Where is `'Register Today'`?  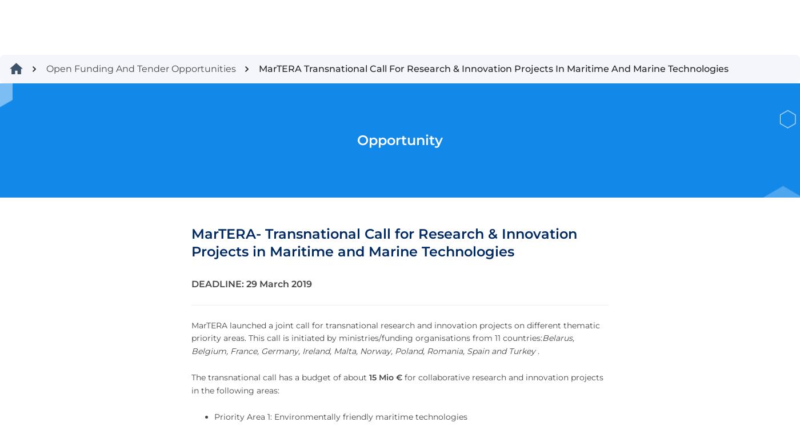 'Register Today' is located at coordinates (551, 142).